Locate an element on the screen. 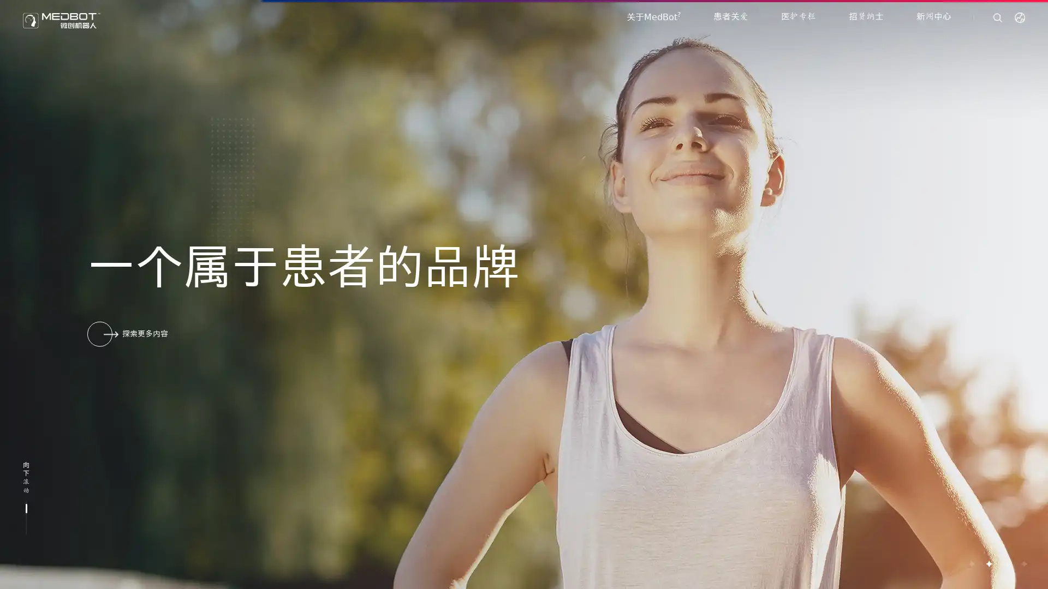  Go to slide 1 is located at coordinates (971, 563).